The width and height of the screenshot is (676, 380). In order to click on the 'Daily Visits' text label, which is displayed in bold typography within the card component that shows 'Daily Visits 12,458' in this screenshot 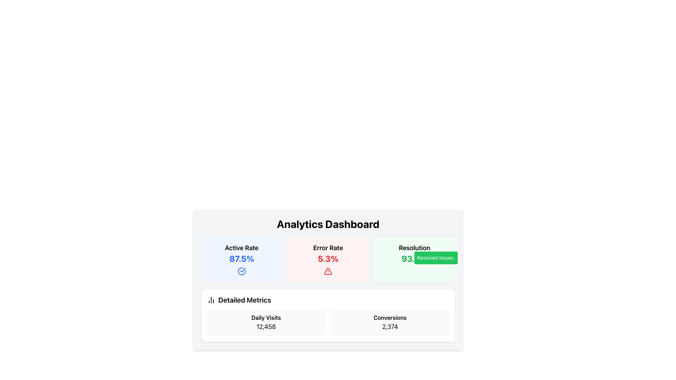, I will do `click(265, 317)`.